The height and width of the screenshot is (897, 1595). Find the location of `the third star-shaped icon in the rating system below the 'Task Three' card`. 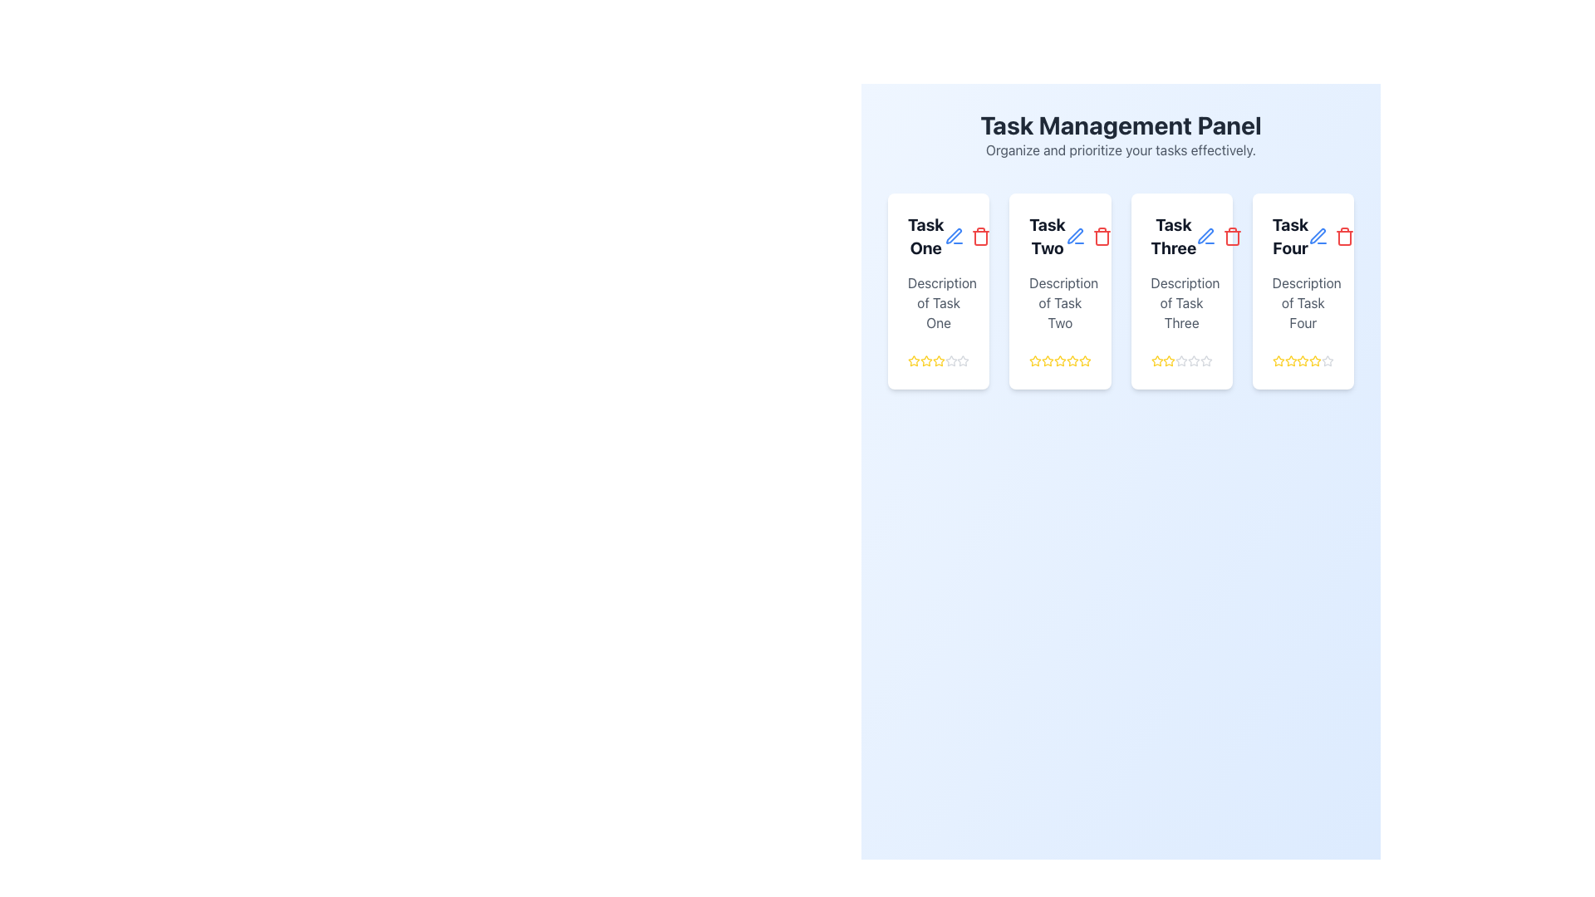

the third star-shaped icon in the rating system below the 'Task Three' card is located at coordinates (1180, 360).